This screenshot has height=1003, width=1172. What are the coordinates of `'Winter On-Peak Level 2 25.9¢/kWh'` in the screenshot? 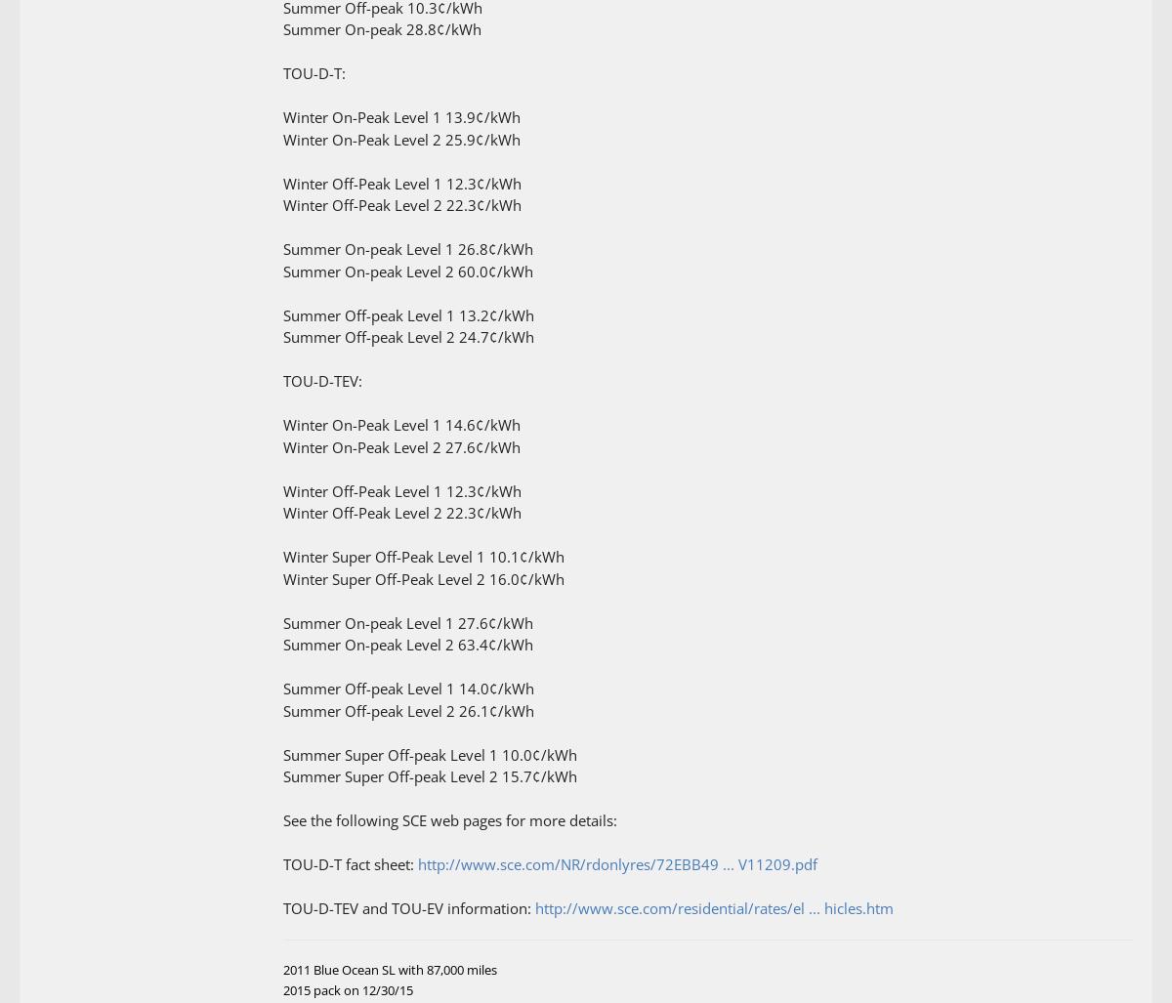 It's located at (282, 139).